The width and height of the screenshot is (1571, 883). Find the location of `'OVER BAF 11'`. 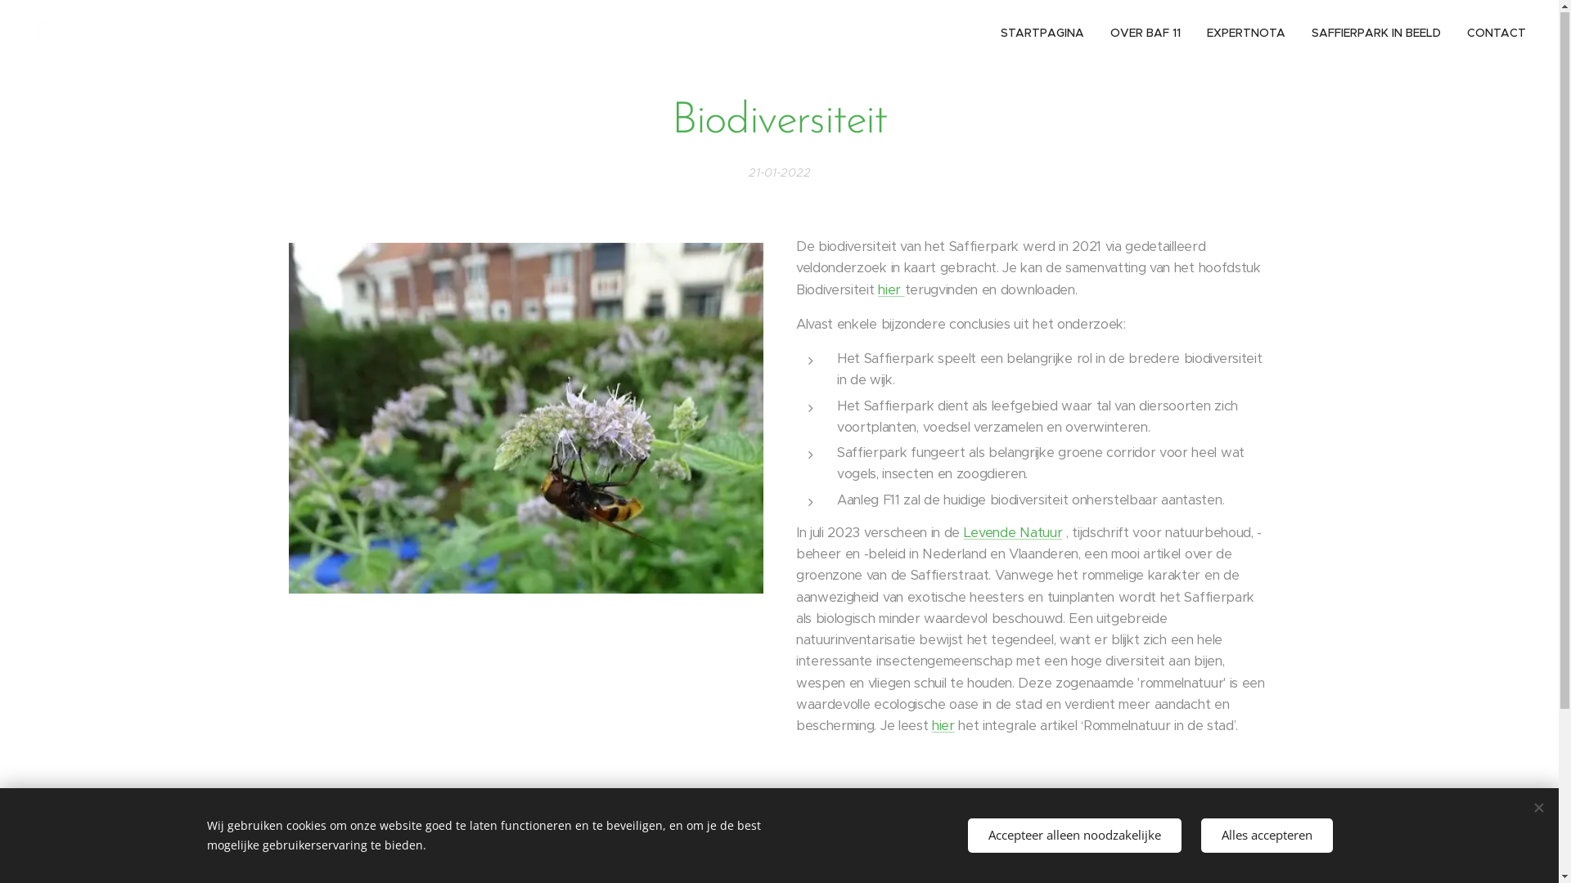

'OVER BAF 11' is located at coordinates (1145, 34).